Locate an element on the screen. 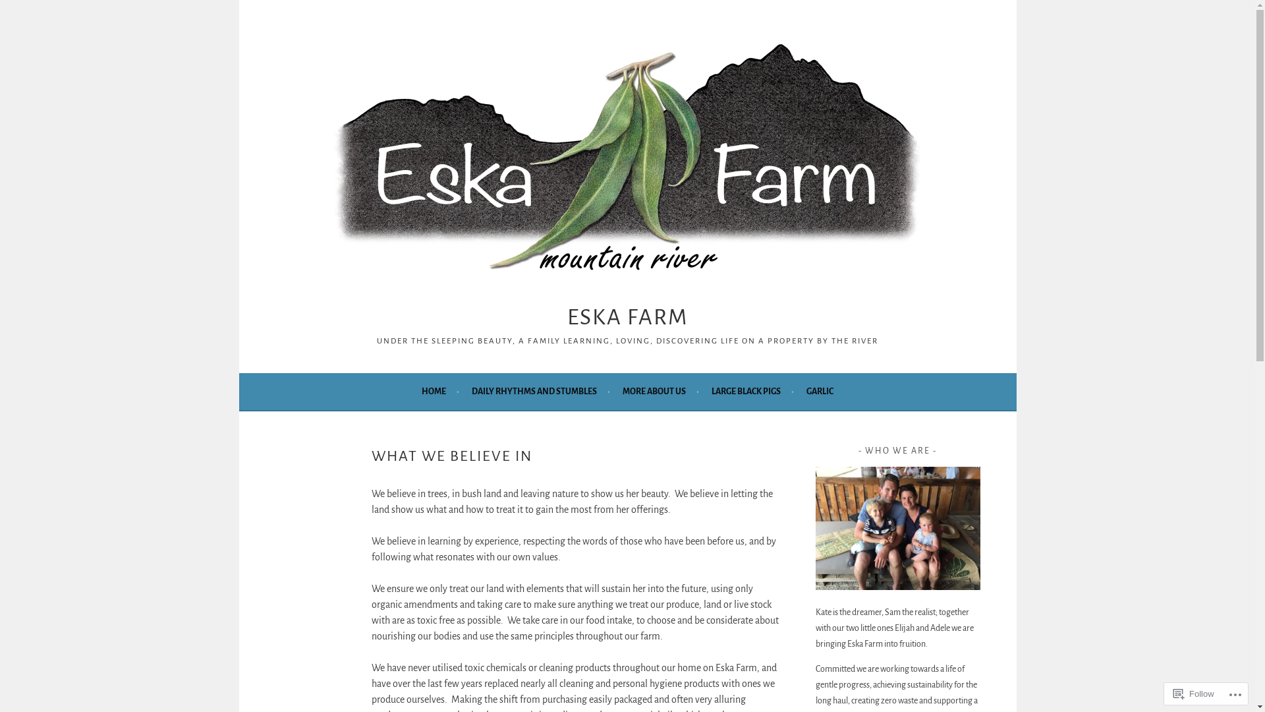 The height and width of the screenshot is (712, 1265). 'ESKA FARM' is located at coordinates (627, 317).